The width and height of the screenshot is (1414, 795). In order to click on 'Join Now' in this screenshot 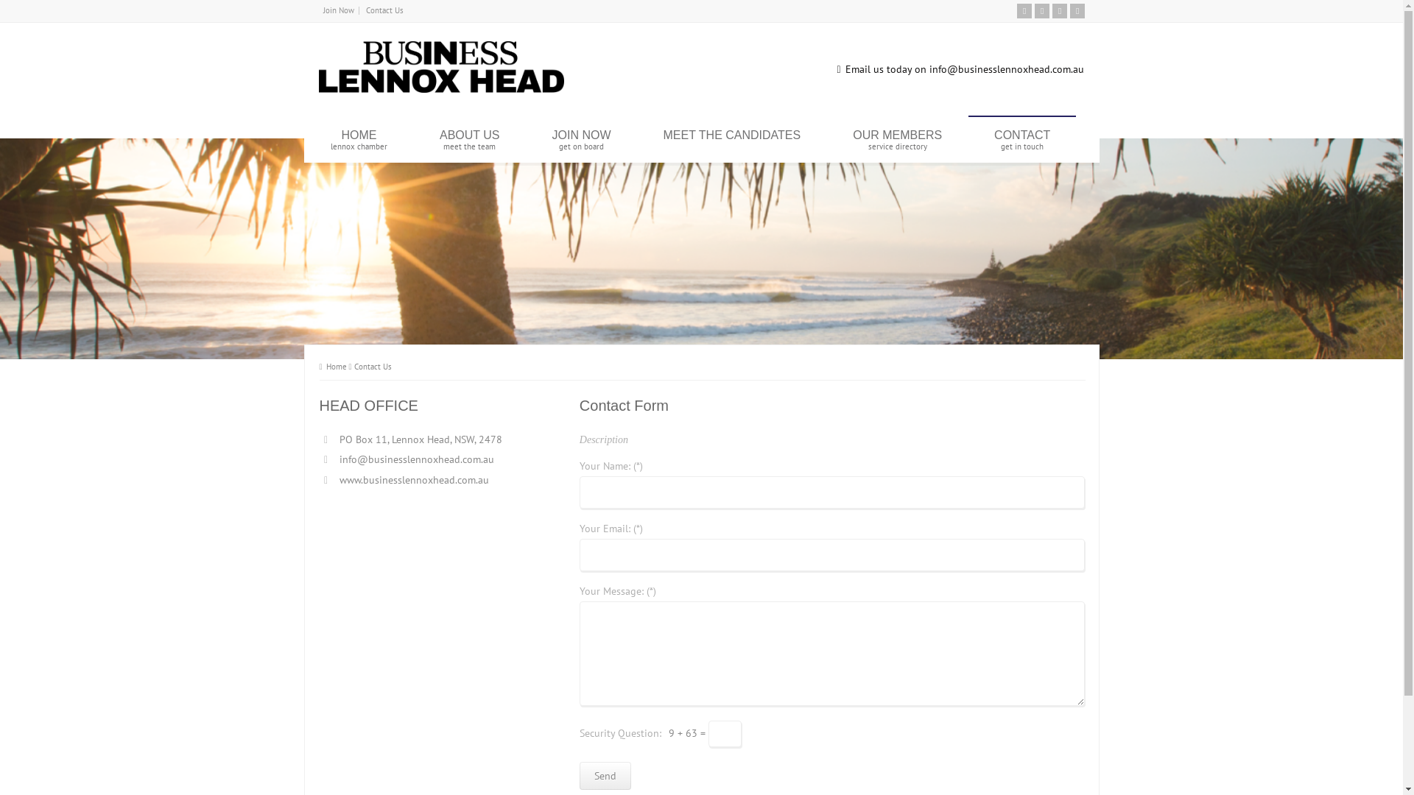, I will do `click(337, 10)`.